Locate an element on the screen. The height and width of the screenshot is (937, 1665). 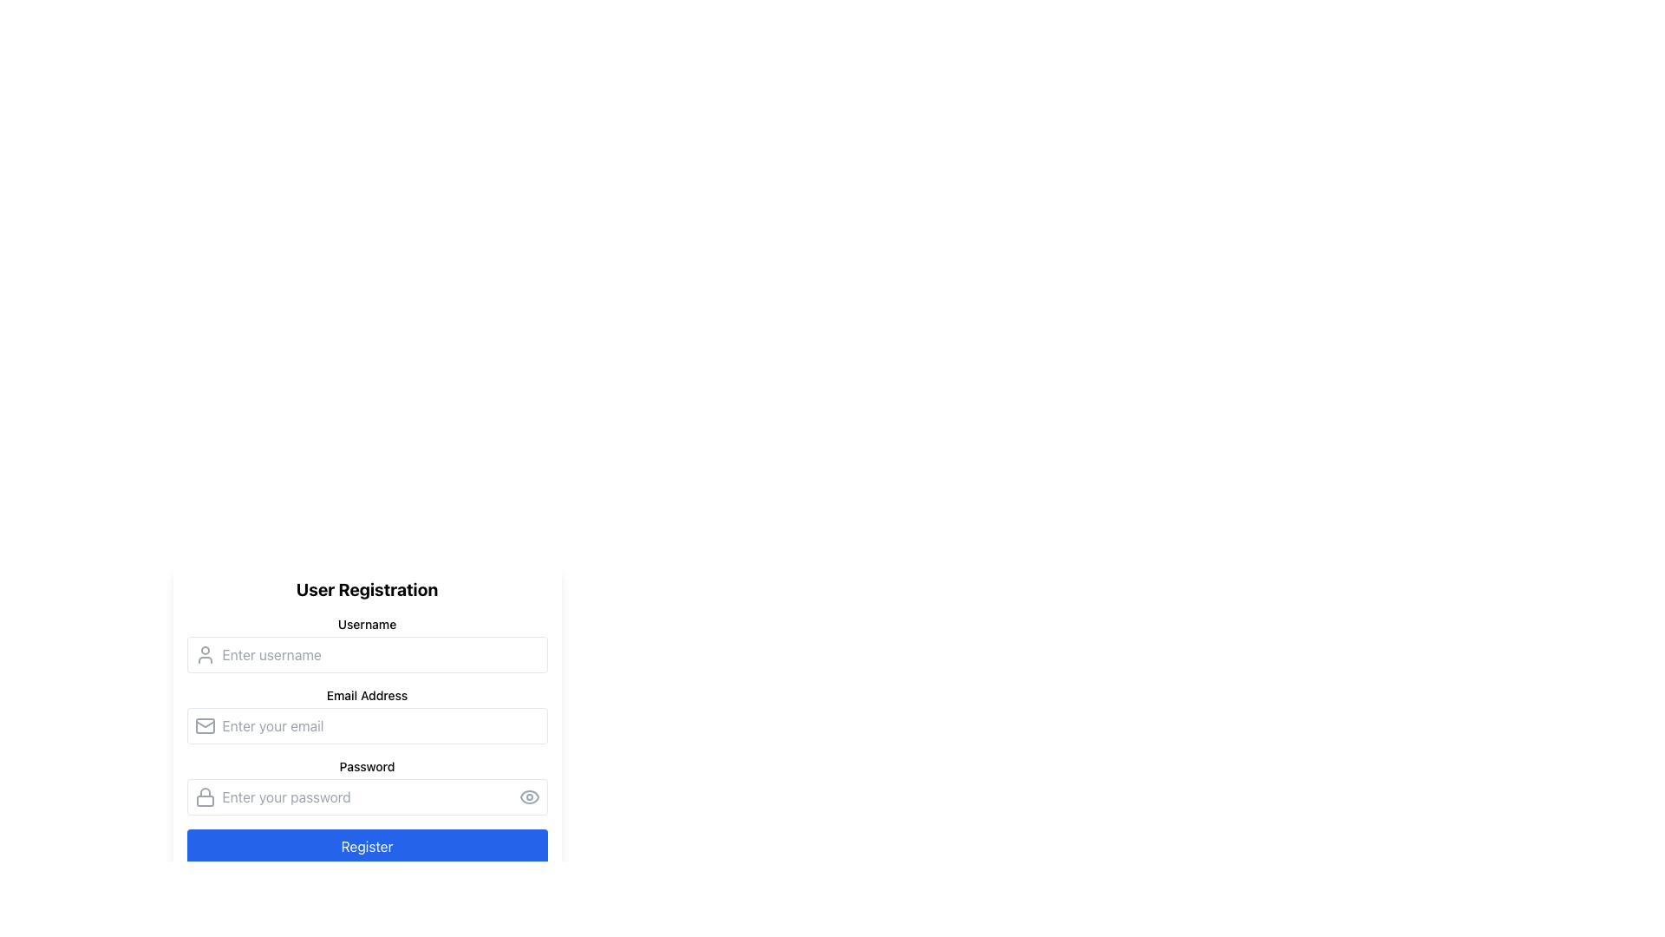
the bottom rectangular portion of the lock icon in the password input field of the user registration form is located at coordinates (205, 801).